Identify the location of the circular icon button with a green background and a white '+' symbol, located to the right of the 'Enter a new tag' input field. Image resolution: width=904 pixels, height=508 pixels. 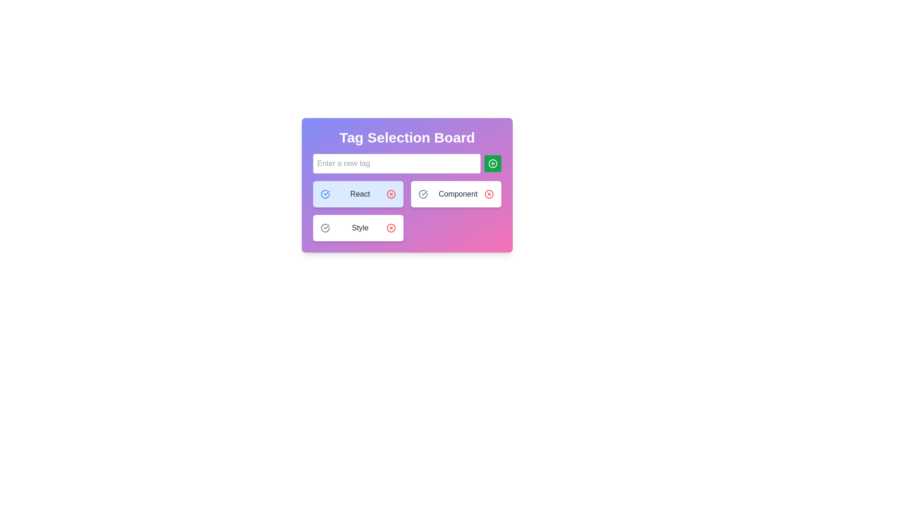
(492, 163).